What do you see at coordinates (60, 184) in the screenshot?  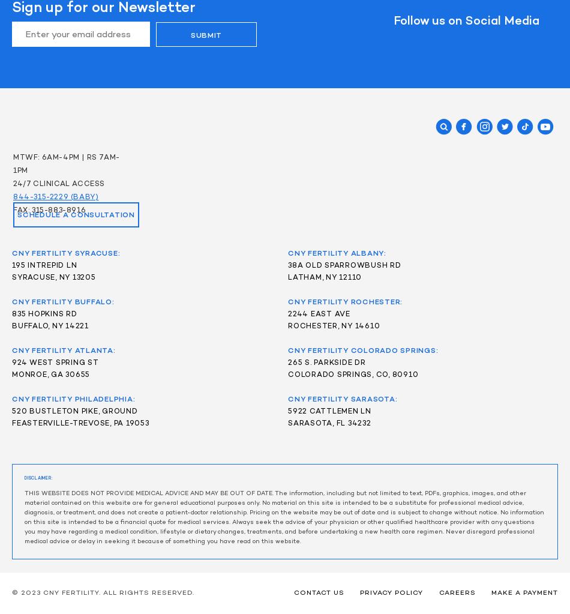 I see `'24/7 CLINICAL ACCESS'` at bounding box center [60, 184].